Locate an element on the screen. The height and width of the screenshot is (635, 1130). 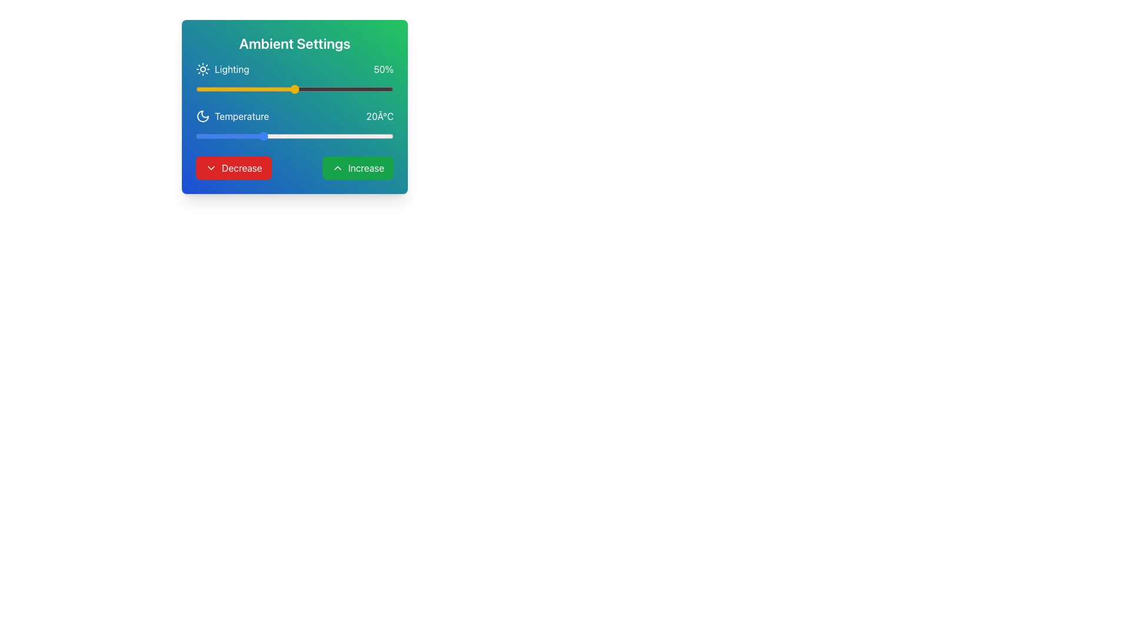
the icon that indicates an action of increasing, which is located inside the 'Increase' button at the bottom-right corner of the 'Ambient Settings' card is located at coordinates (337, 168).